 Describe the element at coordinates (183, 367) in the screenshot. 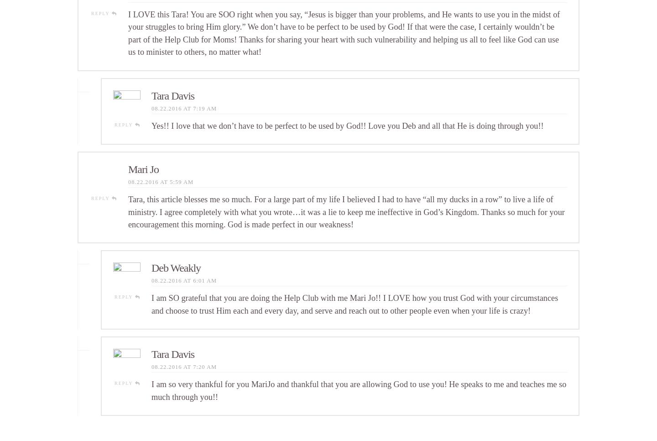

I see `'08.22.2016 at 7:20 am'` at that location.